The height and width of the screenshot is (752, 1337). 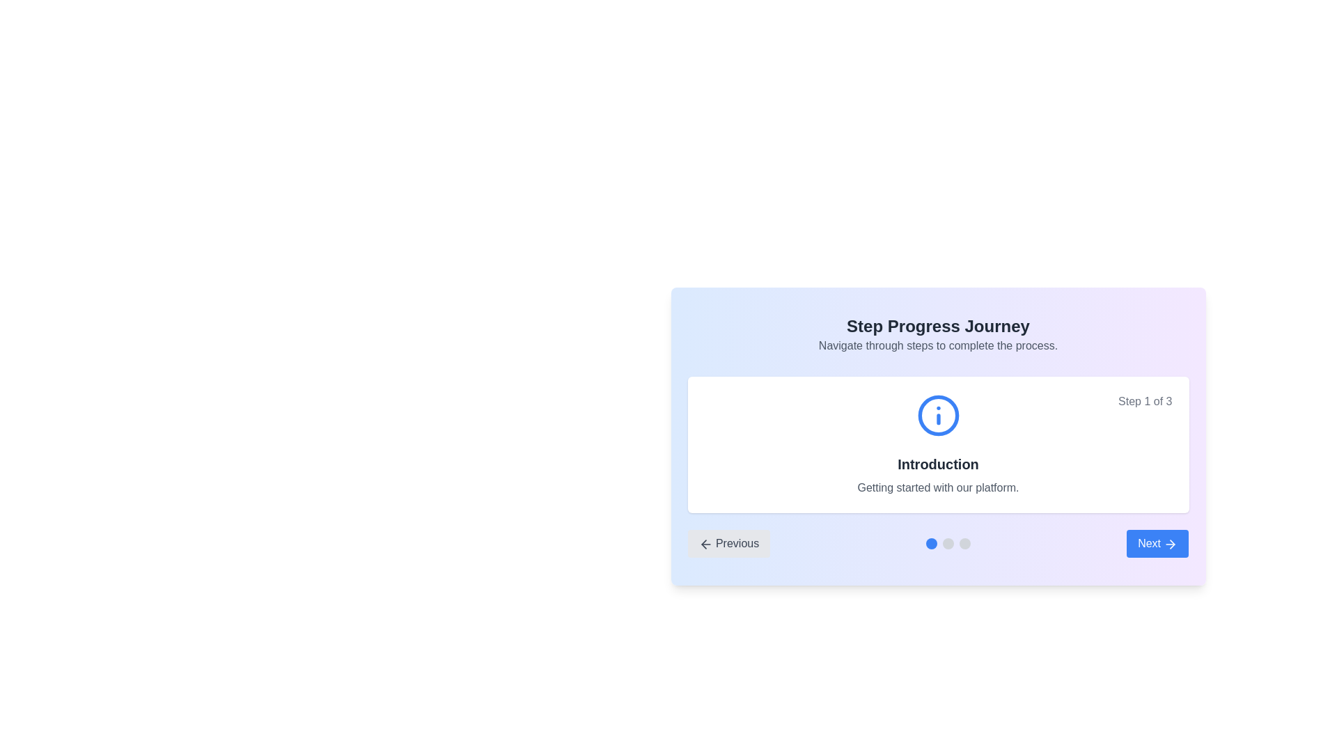 What do you see at coordinates (938, 335) in the screenshot?
I see `the dual-line textual display located at the top of the card-like section, which contains 'Step Progress Journey' in bold and 'Navigate through steps to complete the process.' in a smaller font` at bounding box center [938, 335].